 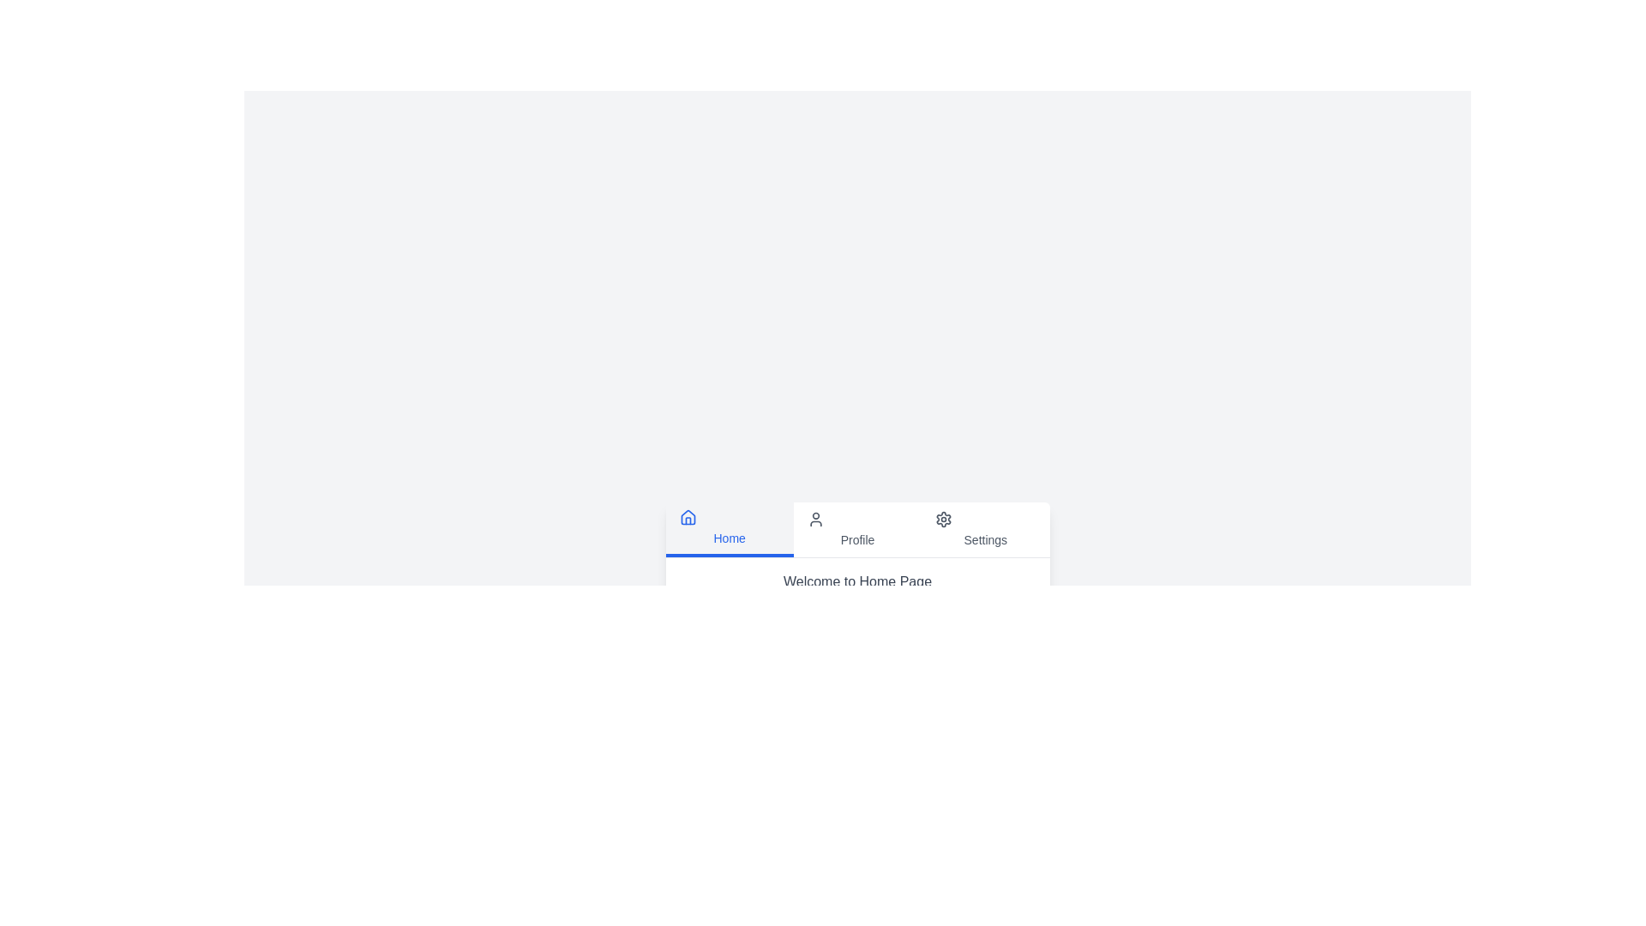 What do you see at coordinates (857, 528) in the screenshot?
I see `the tab labeled 'Profile' to switch to the respective tab` at bounding box center [857, 528].